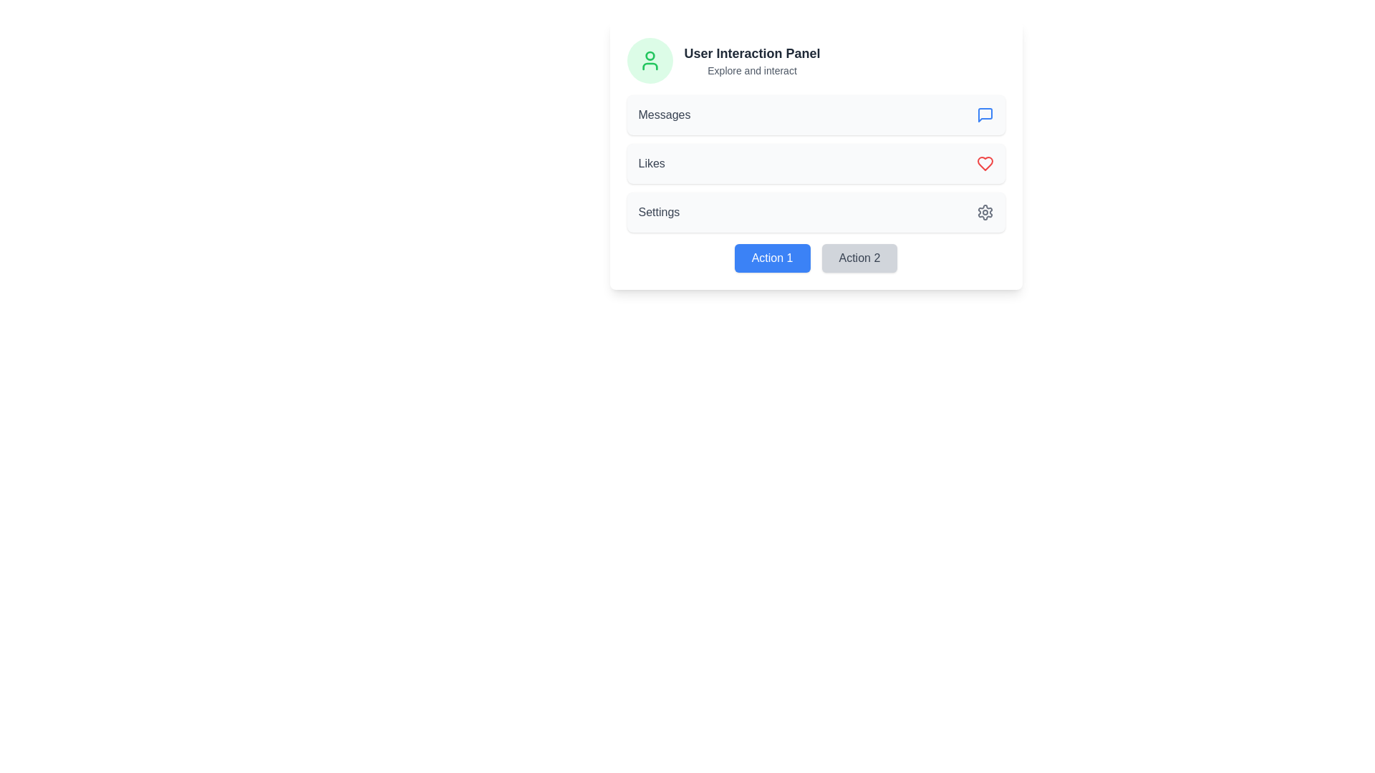 Image resolution: width=1375 pixels, height=773 pixels. What do you see at coordinates (751, 71) in the screenshot?
I see `the Text Label that provides auxiliary descriptive or instructional information related to the User Interaction Panel, positioned directly below the section header` at bounding box center [751, 71].